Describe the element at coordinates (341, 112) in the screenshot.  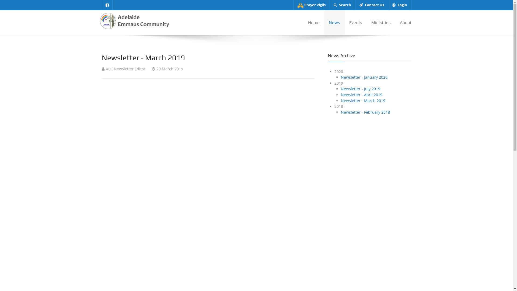
I see `'Newsletter - February 2018'` at that location.